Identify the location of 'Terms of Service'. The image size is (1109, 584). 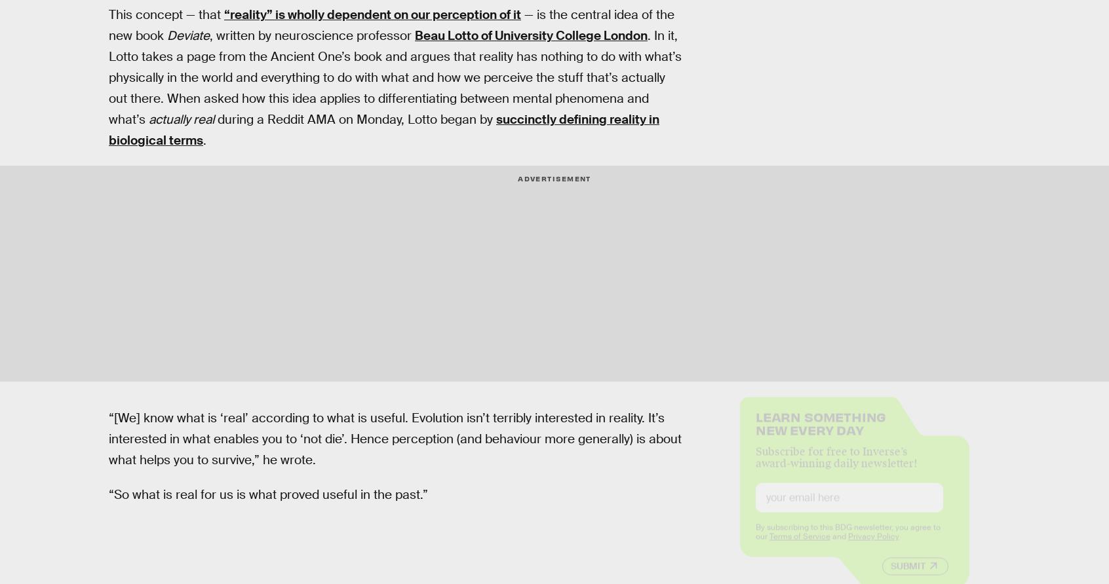
(799, 546).